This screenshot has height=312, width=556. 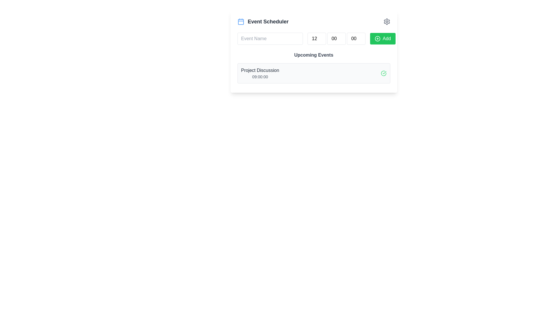 What do you see at coordinates (387, 21) in the screenshot?
I see `the gear-shaped settings icon located at the top-right corner of the white panel, which is visually distinct with a circular center and pointed edges resembling a cogwheel` at bounding box center [387, 21].